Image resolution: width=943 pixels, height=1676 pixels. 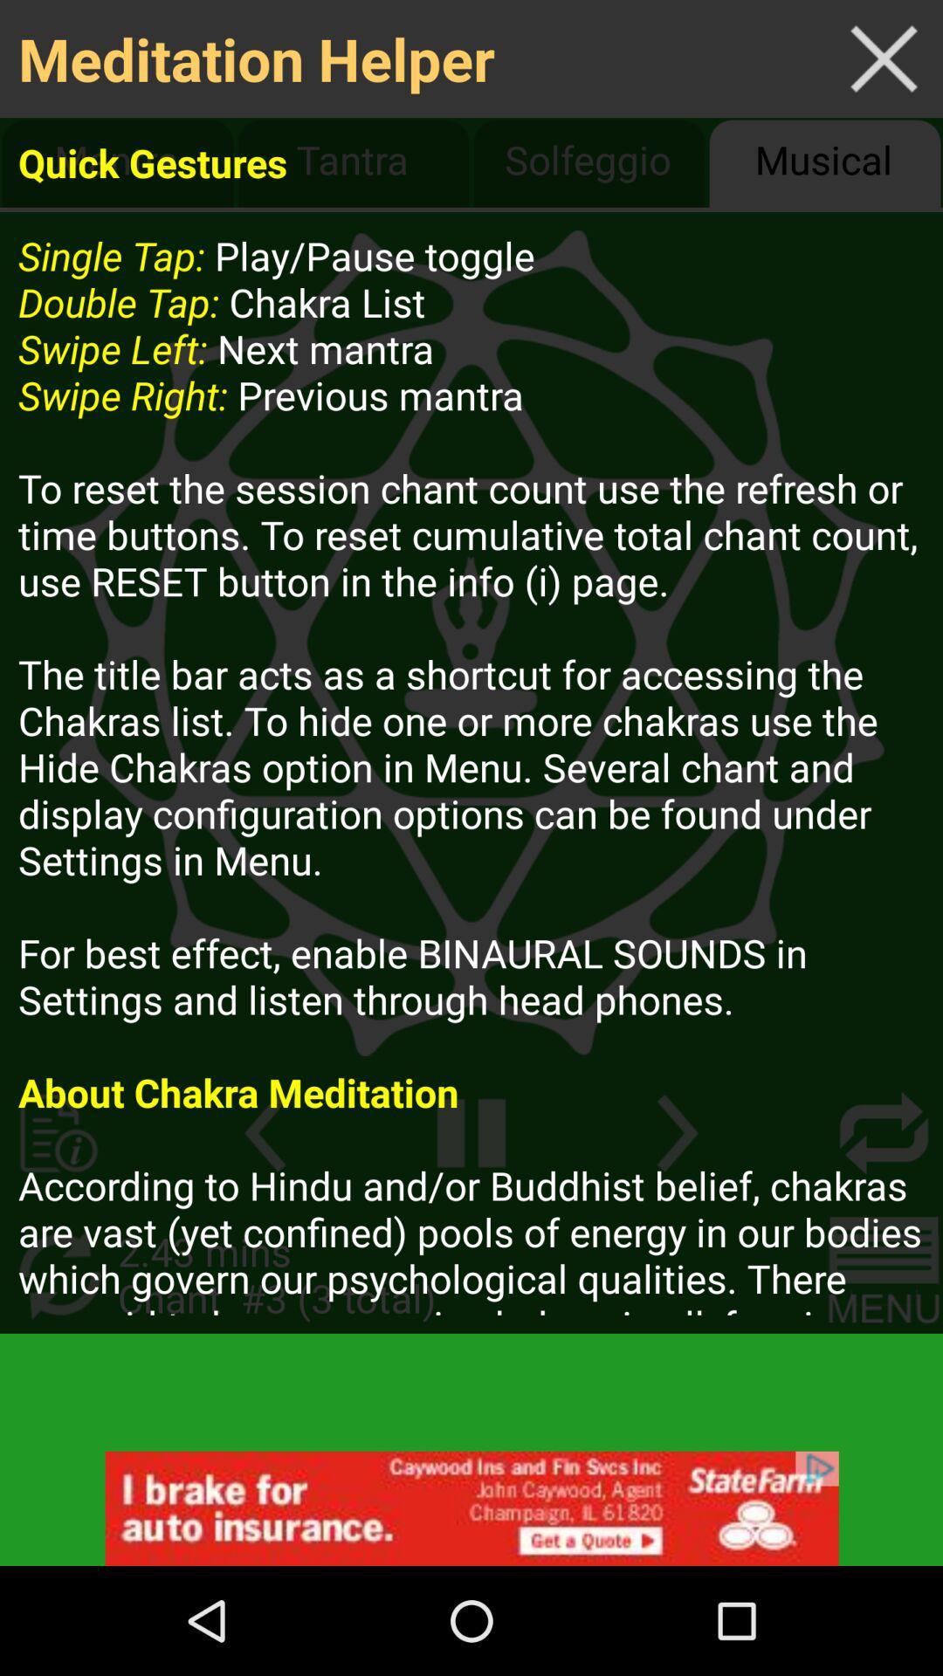 What do you see at coordinates (471, 1212) in the screenshot?
I see `the pause icon` at bounding box center [471, 1212].